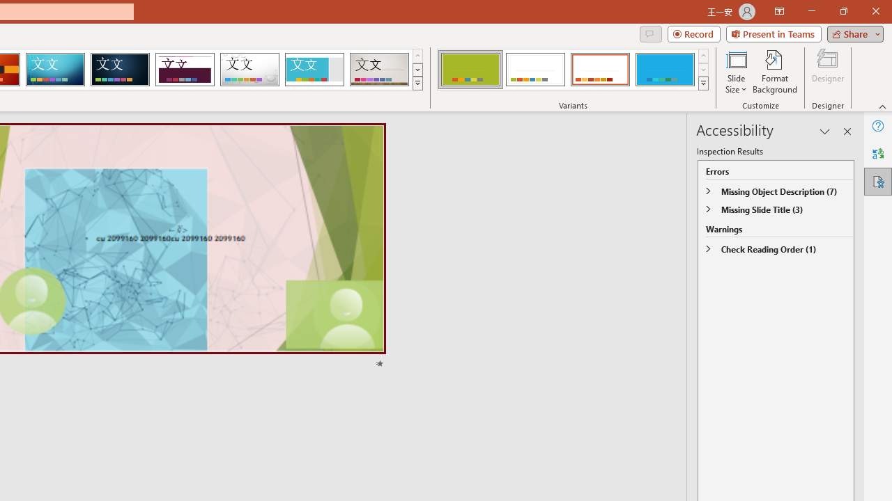 The width and height of the screenshot is (892, 501). I want to click on 'Basis Variant 4', so click(664, 70).